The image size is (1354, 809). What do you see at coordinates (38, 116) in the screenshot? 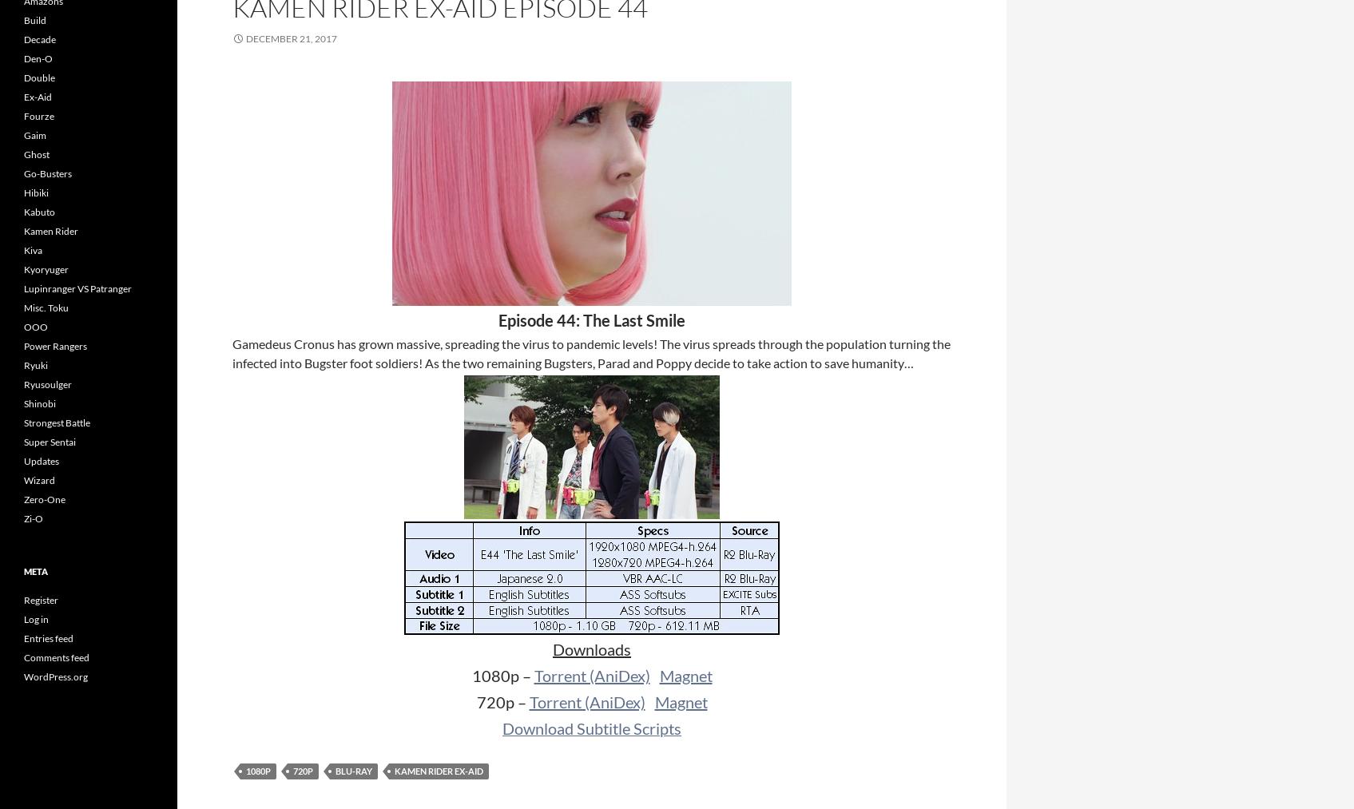
I see `'Fourze'` at bounding box center [38, 116].